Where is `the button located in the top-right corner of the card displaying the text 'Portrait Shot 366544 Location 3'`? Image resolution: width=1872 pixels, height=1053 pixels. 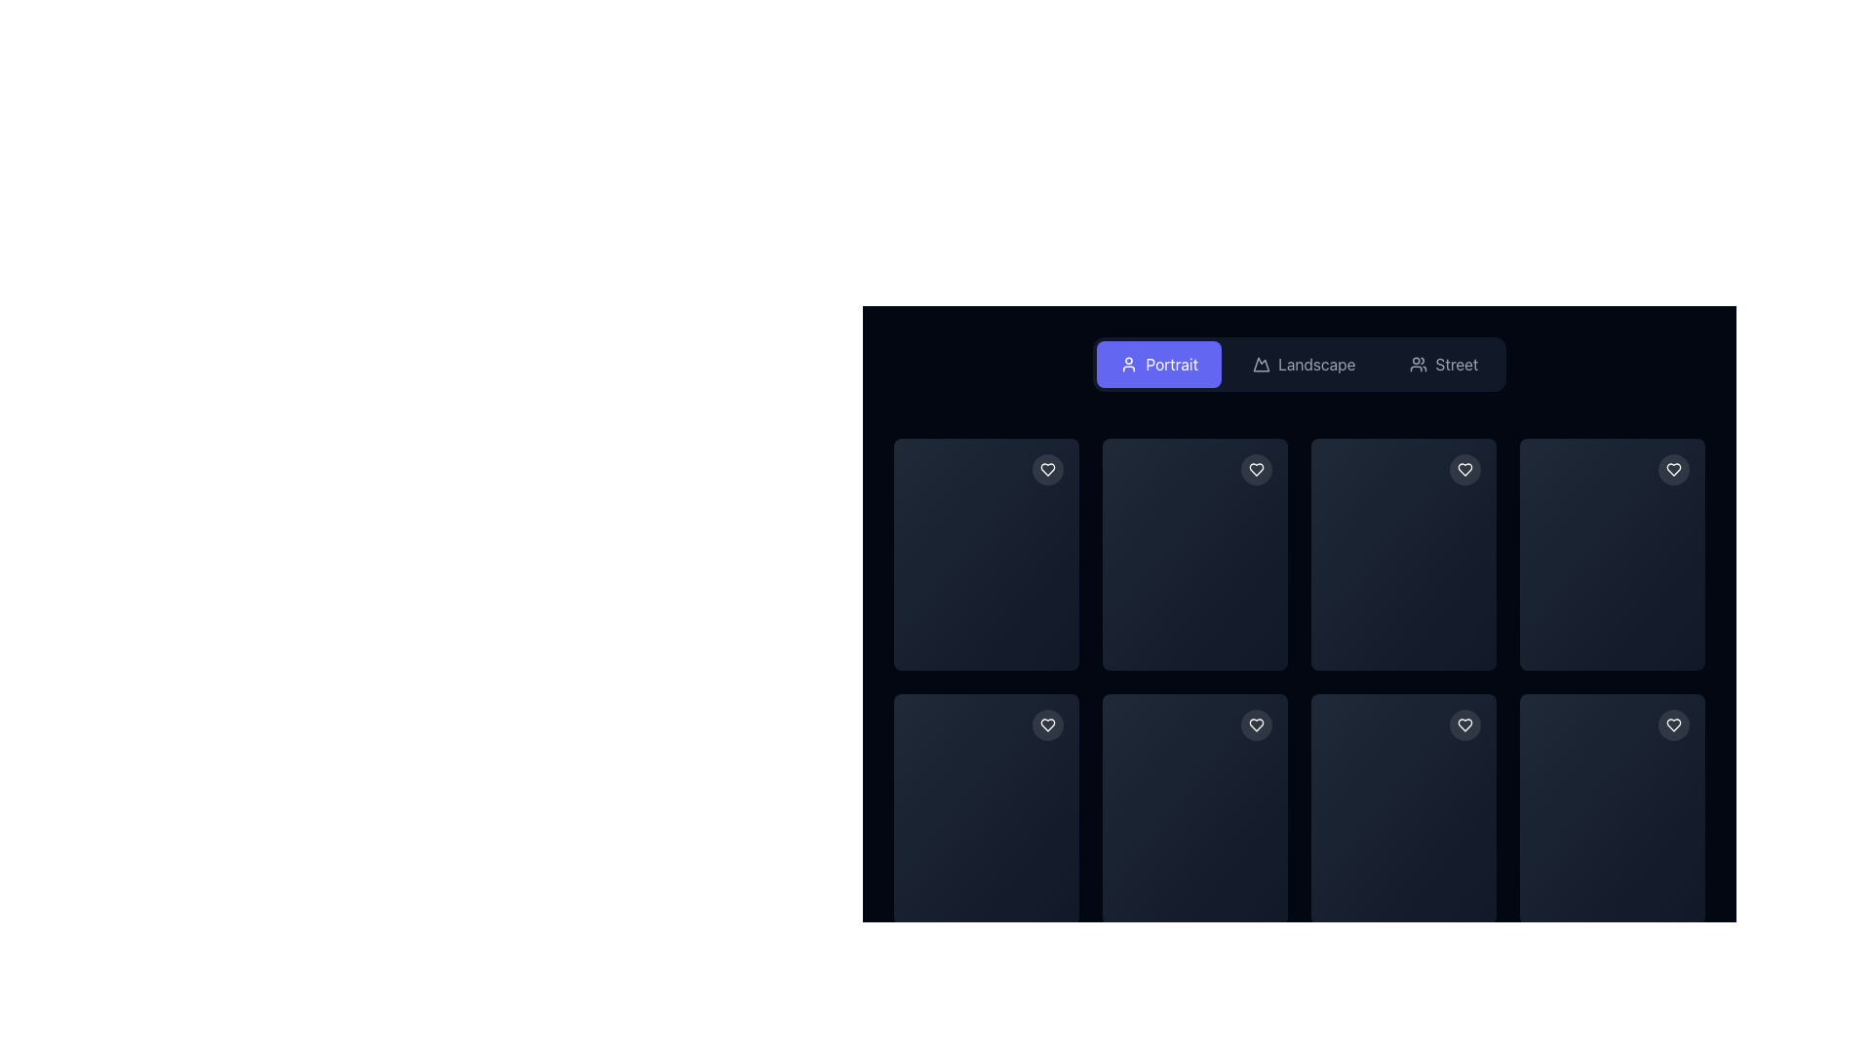
the button located in the top-right corner of the card displaying the text 'Portrait Shot 366544 Location 3' is located at coordinates (1464, 470).